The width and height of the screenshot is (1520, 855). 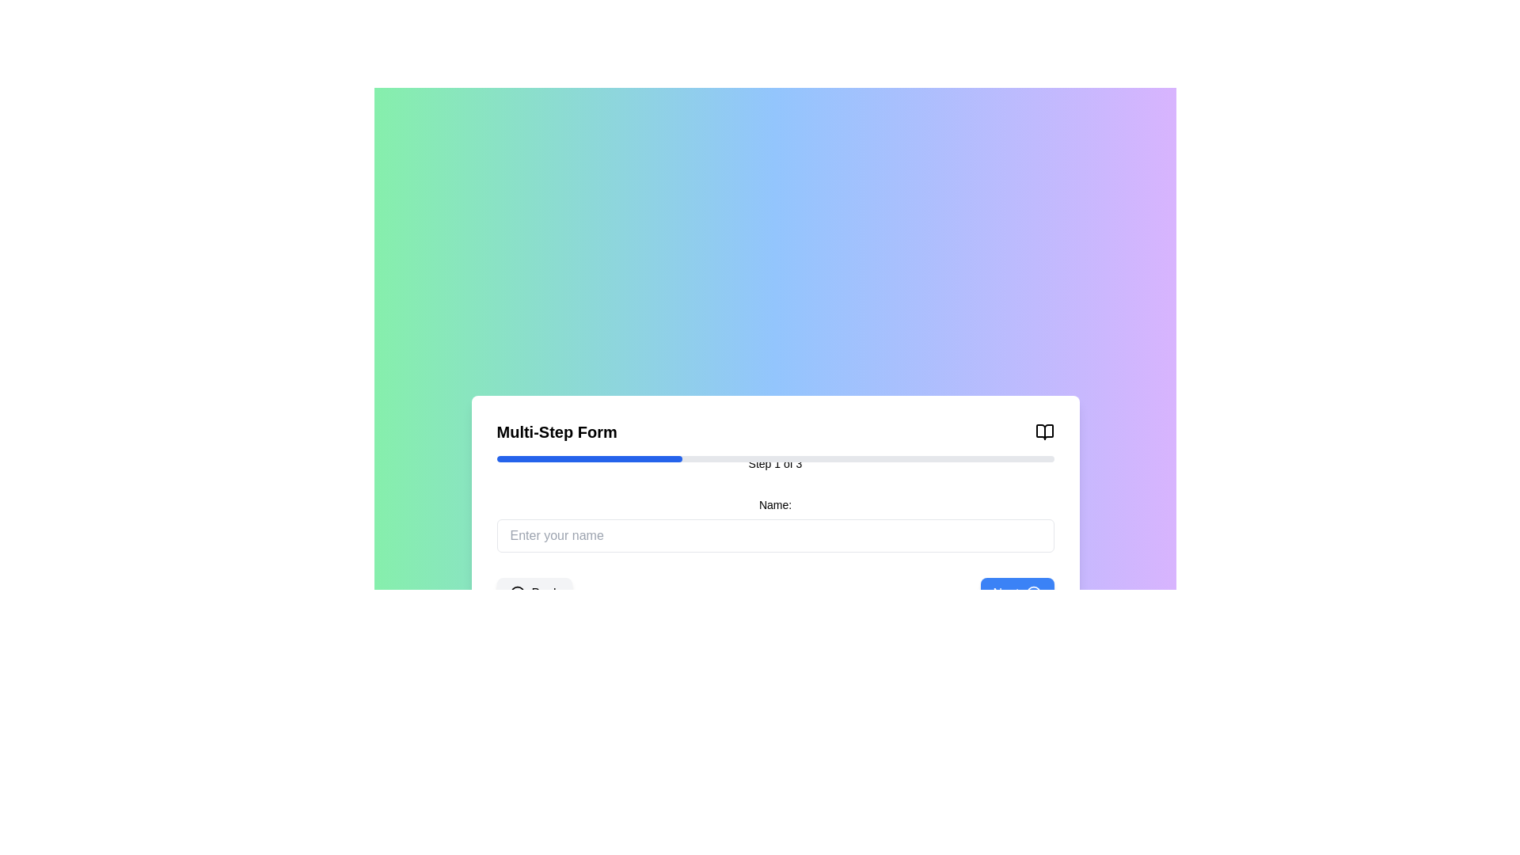 I want to click on the forward navigation icon located at the far right of the blue rounded rectangle button labeled 'Next', so click(x=1033, y=593).